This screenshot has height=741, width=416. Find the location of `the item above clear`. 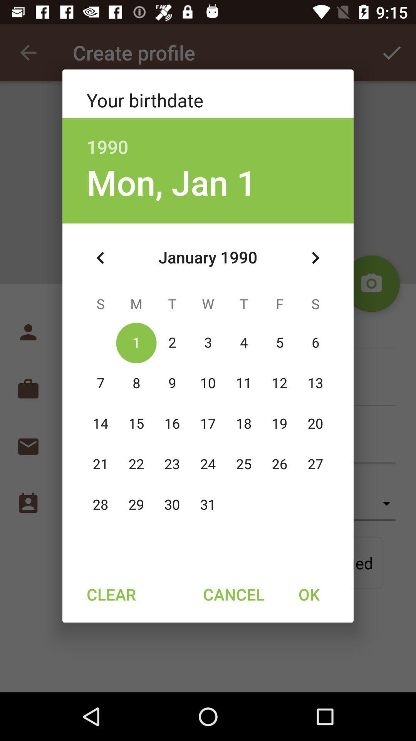

the item above clear is located at coordinates (100, 258).